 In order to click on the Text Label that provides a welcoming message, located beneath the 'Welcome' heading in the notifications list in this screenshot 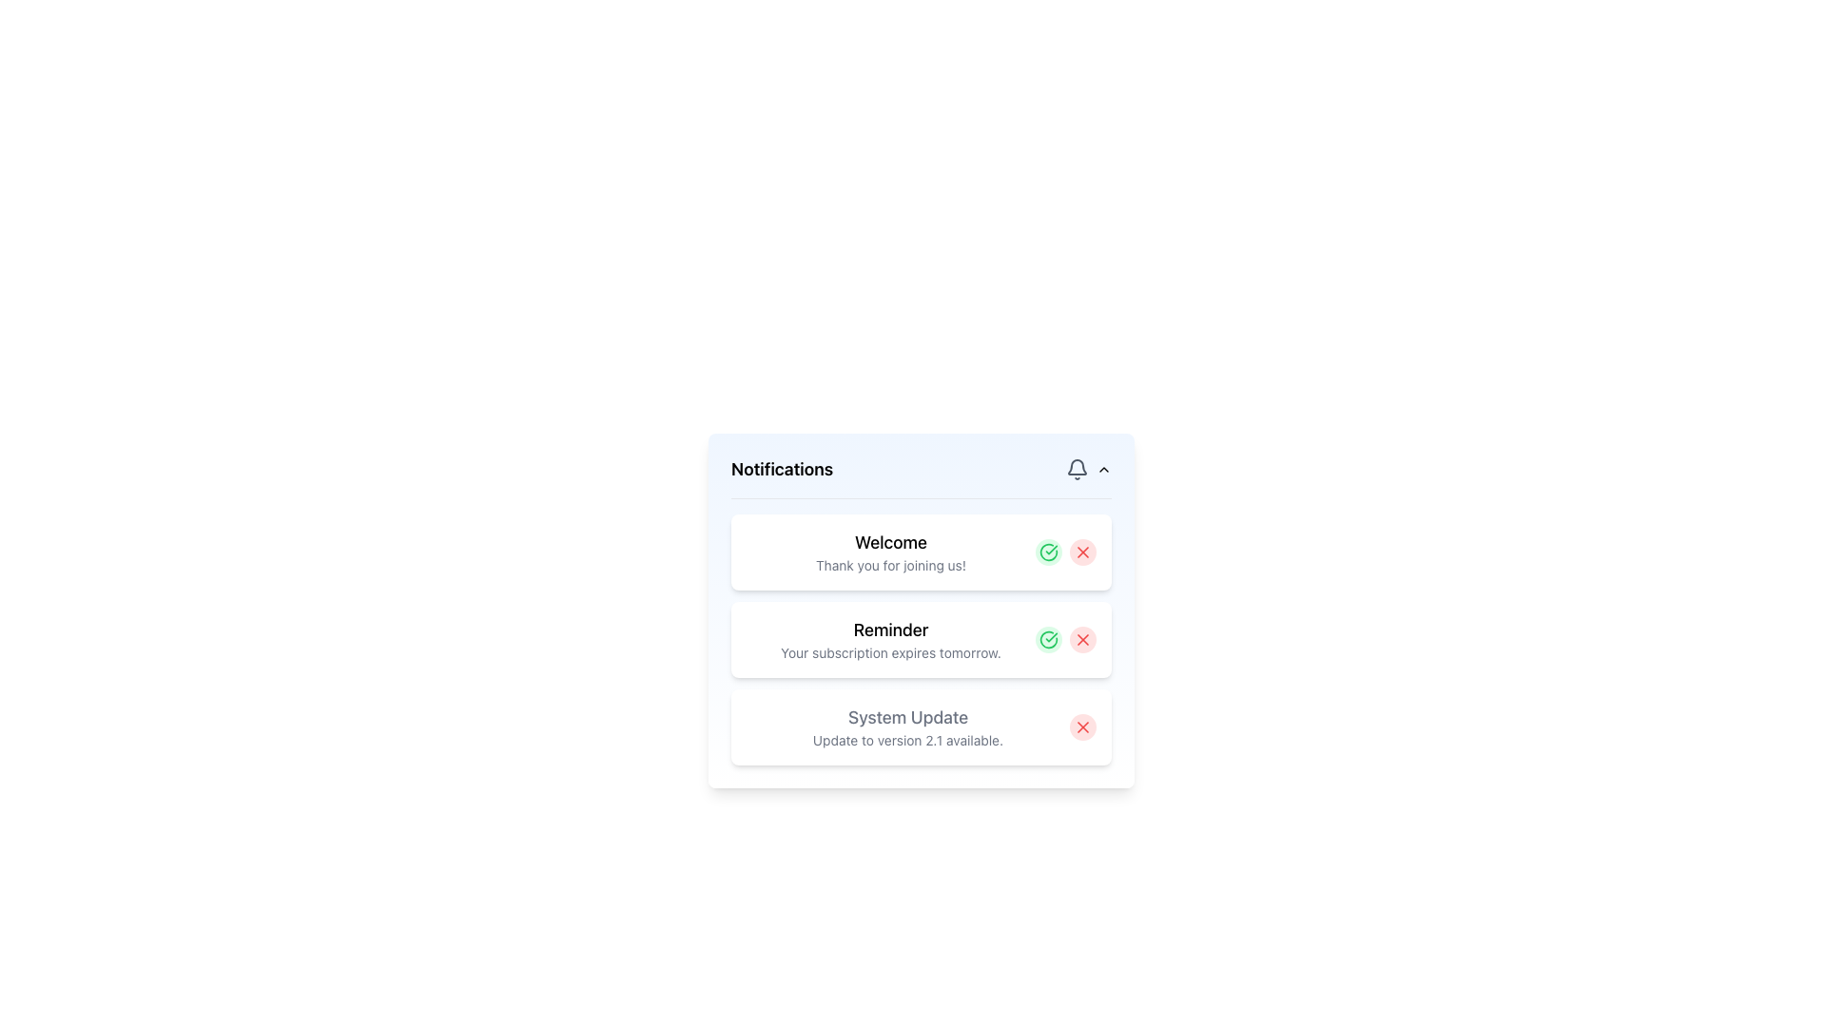, I will do `click(889, 564)`.